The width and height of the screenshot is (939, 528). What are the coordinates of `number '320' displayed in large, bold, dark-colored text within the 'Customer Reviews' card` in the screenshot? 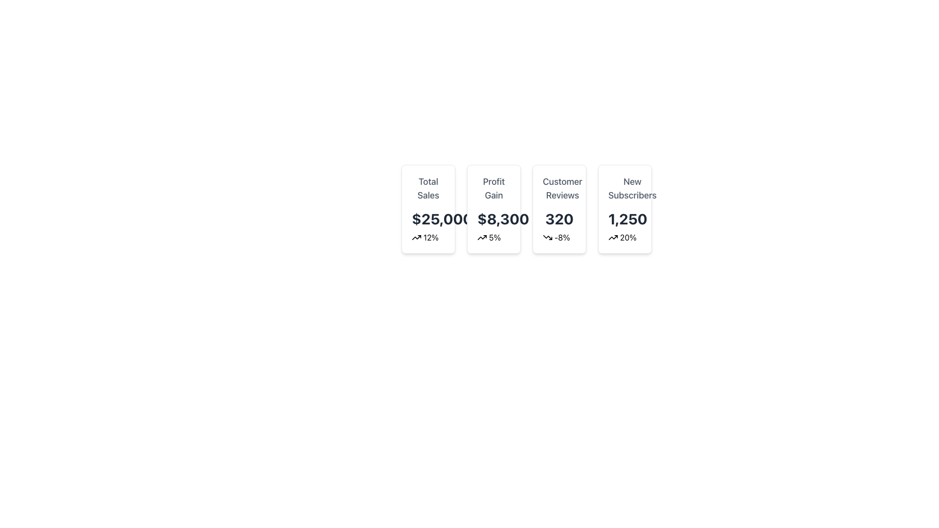 It's located at (559, 218).